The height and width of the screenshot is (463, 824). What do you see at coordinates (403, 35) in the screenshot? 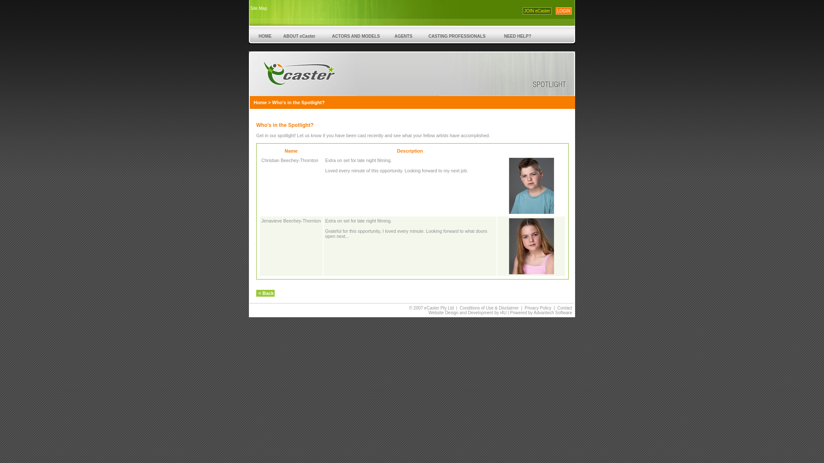
I see `' AGENTS '` at bounding box center [403, 35].